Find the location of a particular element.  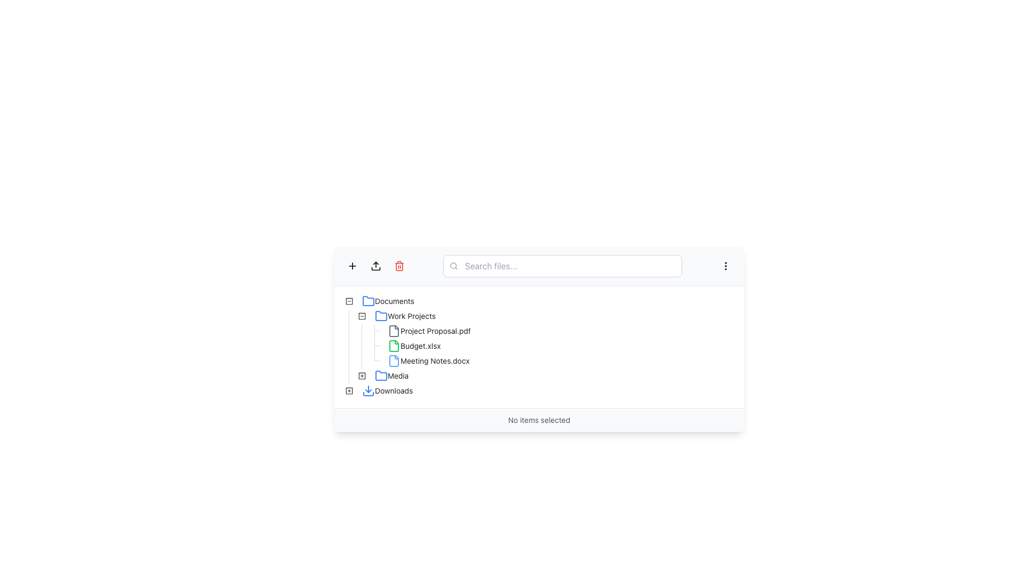

the indentation unit indicating hierarchical nesting within the 'Work Projects' folder, which serves as a marker for nested items is located at coordinates (362, 331).